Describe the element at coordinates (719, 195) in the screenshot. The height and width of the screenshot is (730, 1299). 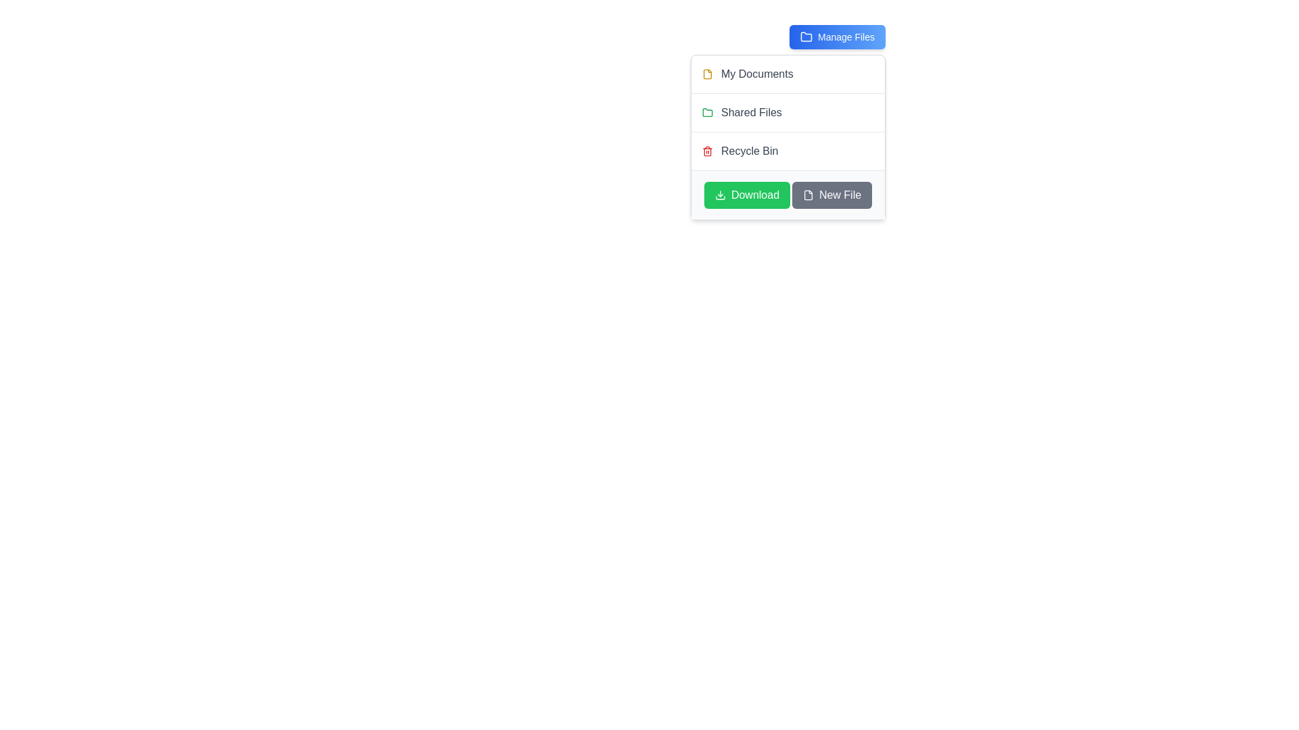
I see `the download icon located on the left side of the green 'Download' button in the lower section of the white rectangular panel` at that location.